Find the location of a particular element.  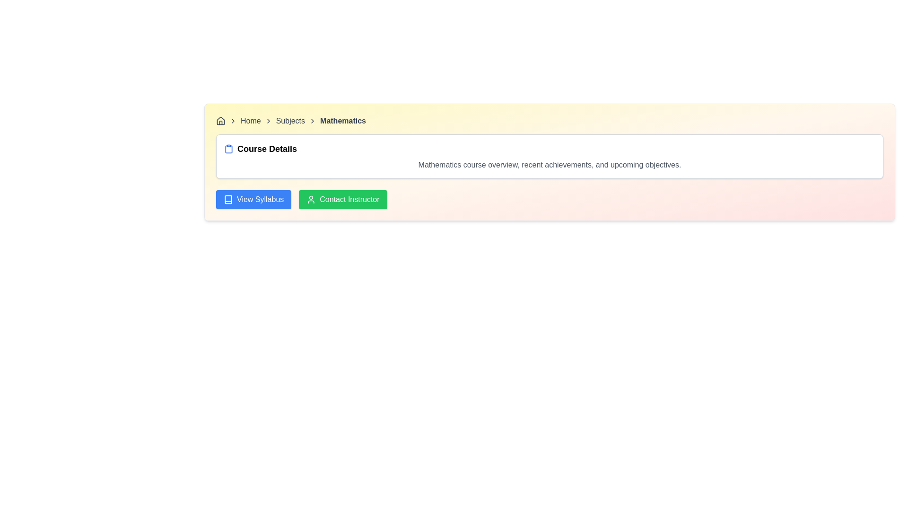

the 'View Syllabus' button which contains the book icon, located at the leftmost position in the bottom row of the content card is located at coordinates (228, 199).